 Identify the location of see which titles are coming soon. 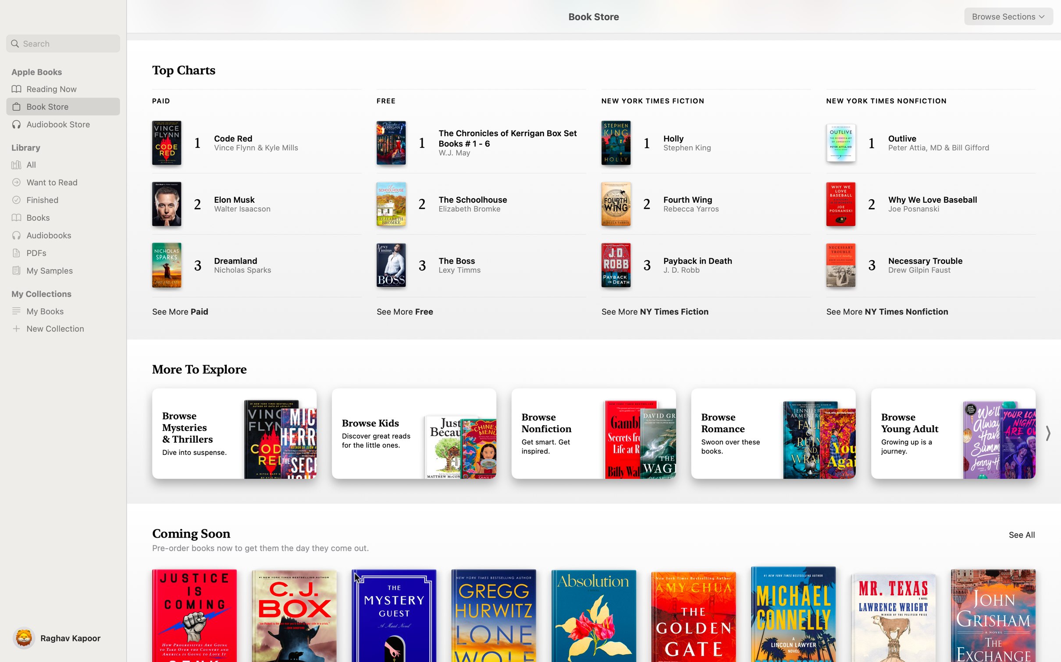
(1996272, 738792).